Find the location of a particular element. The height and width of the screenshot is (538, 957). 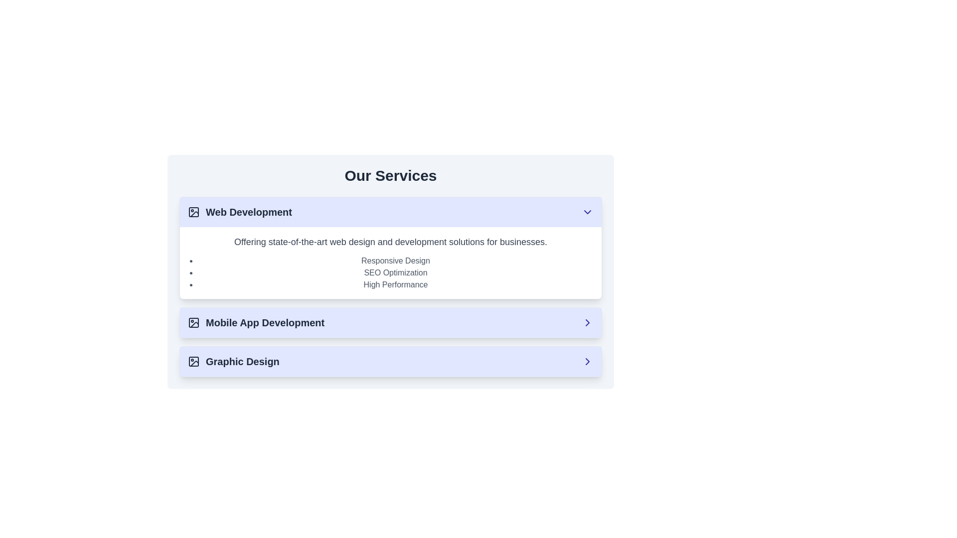

the 'Graphic Design' icon, which is located near the left edge of the third row in the services list, directly before the text label is located at coordinates (193, 361).